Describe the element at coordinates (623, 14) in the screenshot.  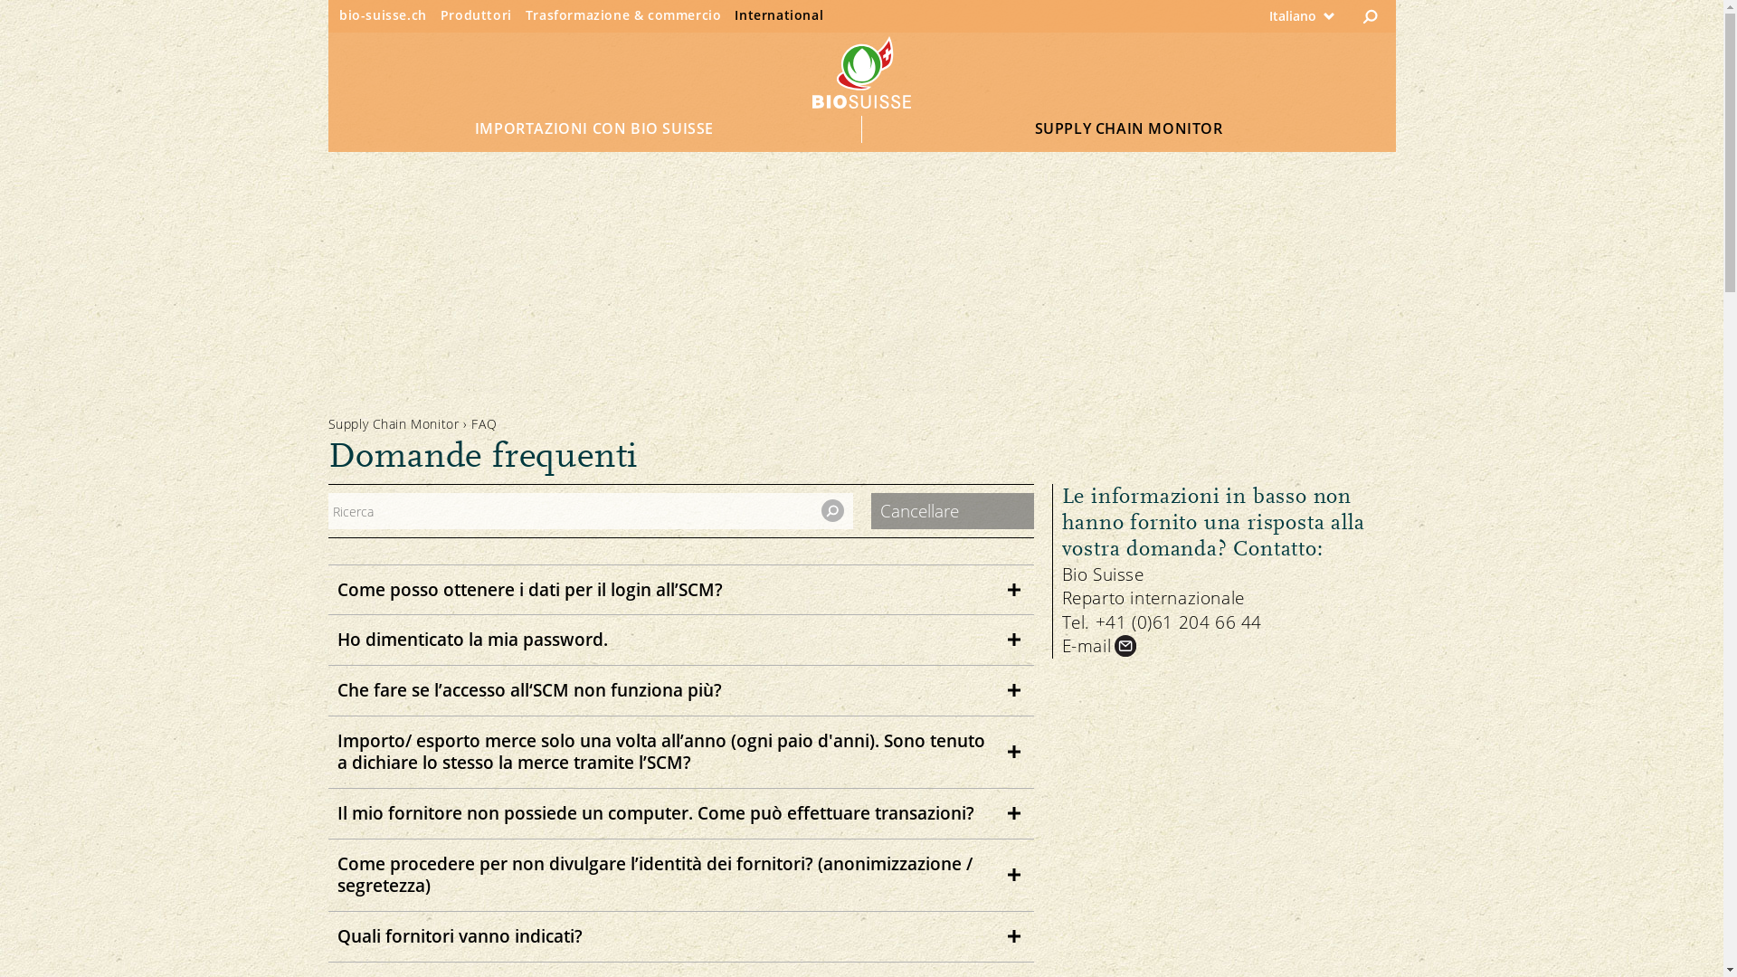
I see `'Trasformazione & commercio'` at that location.